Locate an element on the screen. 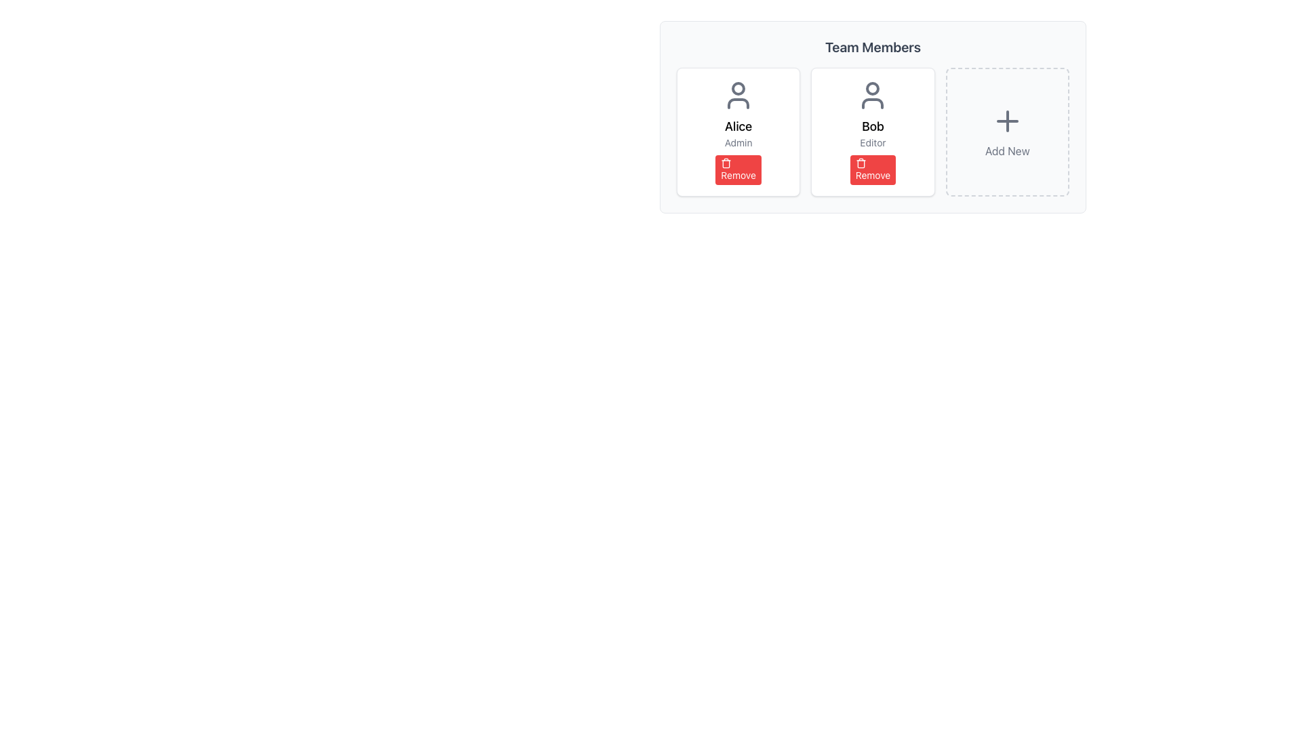 This screenshot has width=1302, height=732. the user icon representing 'Bob' at the top of his card in the 'Team Members' section is located at coordinates (873, 95).